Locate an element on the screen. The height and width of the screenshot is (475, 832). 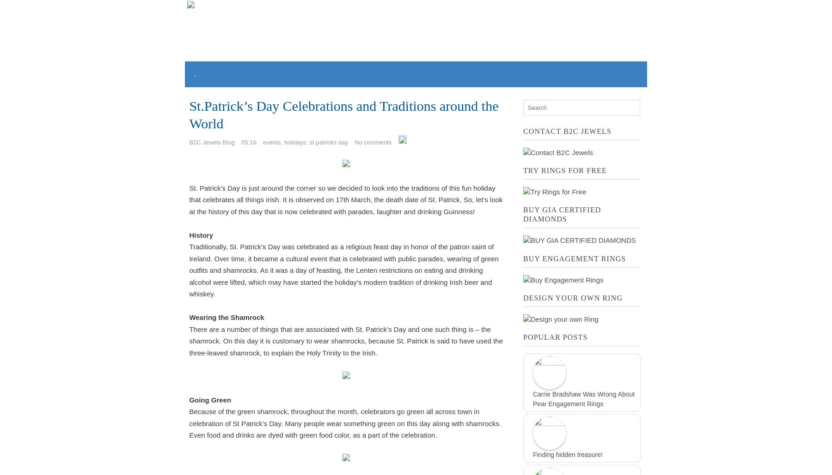
'B2C Jewels Blog' is located at coordinates (211, 142).